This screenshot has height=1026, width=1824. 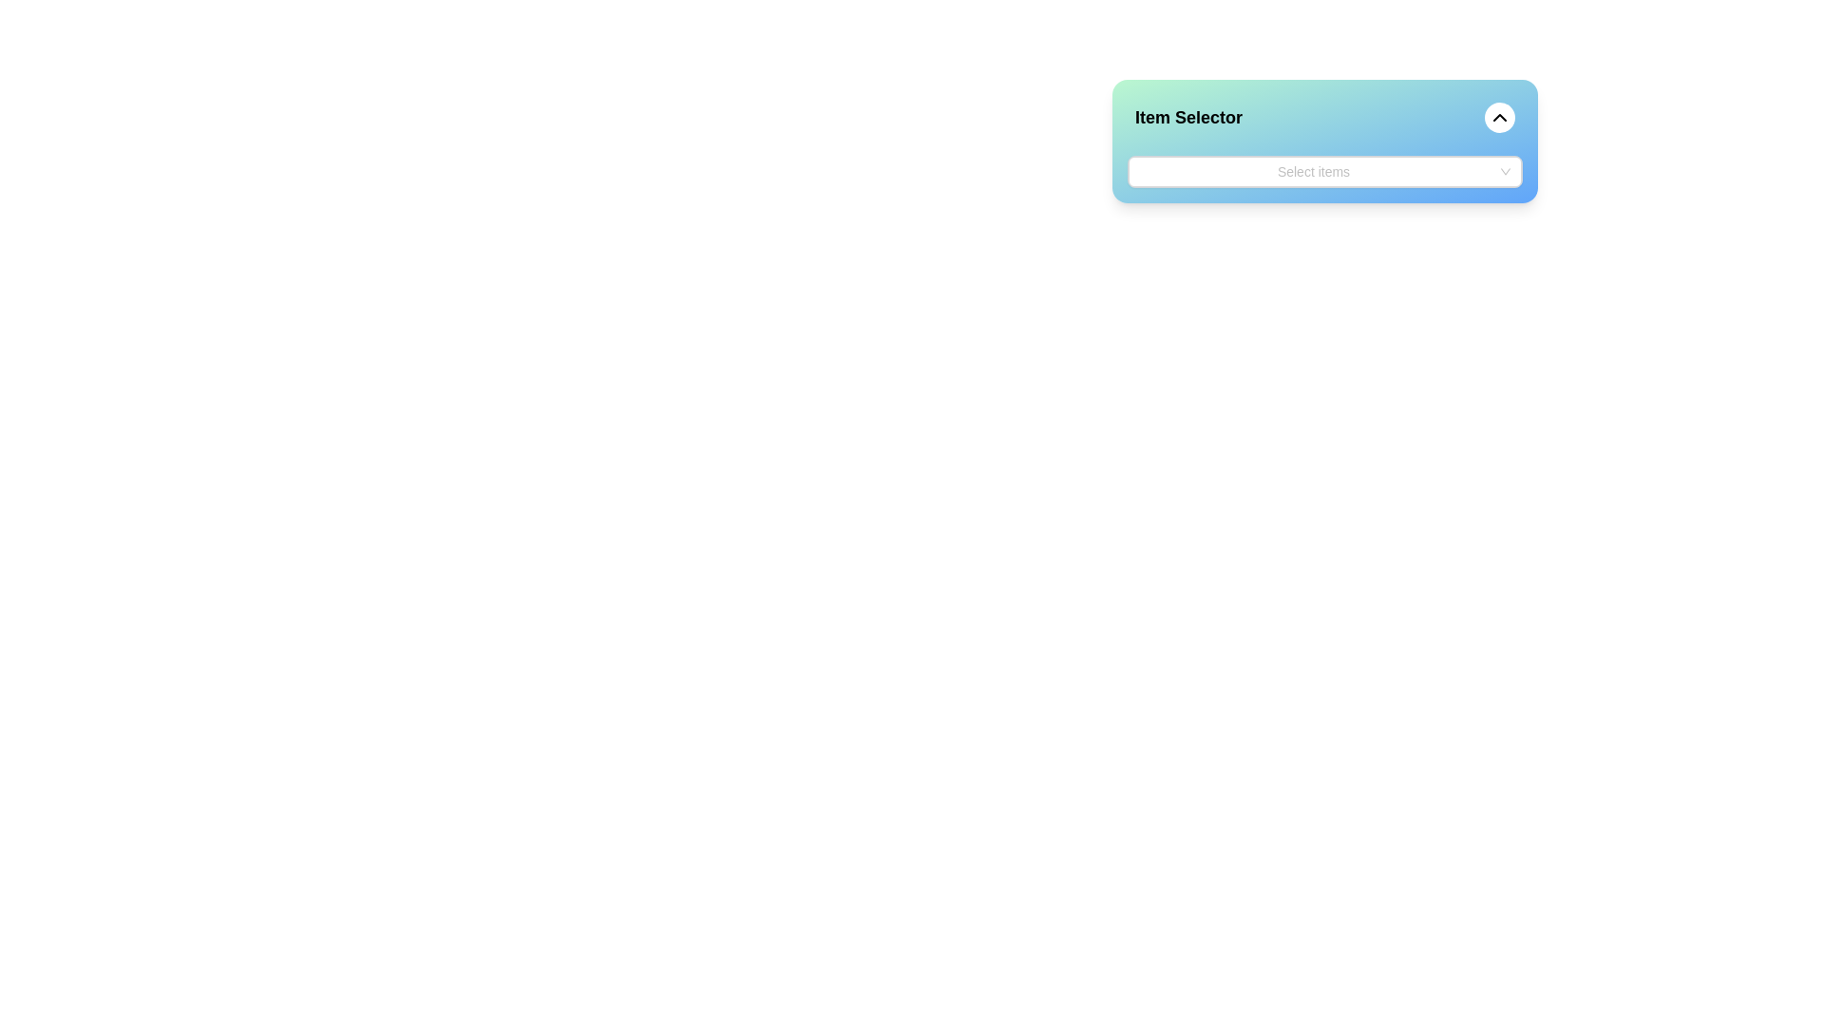 What do you see at coordinates (1504, 172) in the screenshot?
I see `the toggle button located` at bounding box center [1504, 172].